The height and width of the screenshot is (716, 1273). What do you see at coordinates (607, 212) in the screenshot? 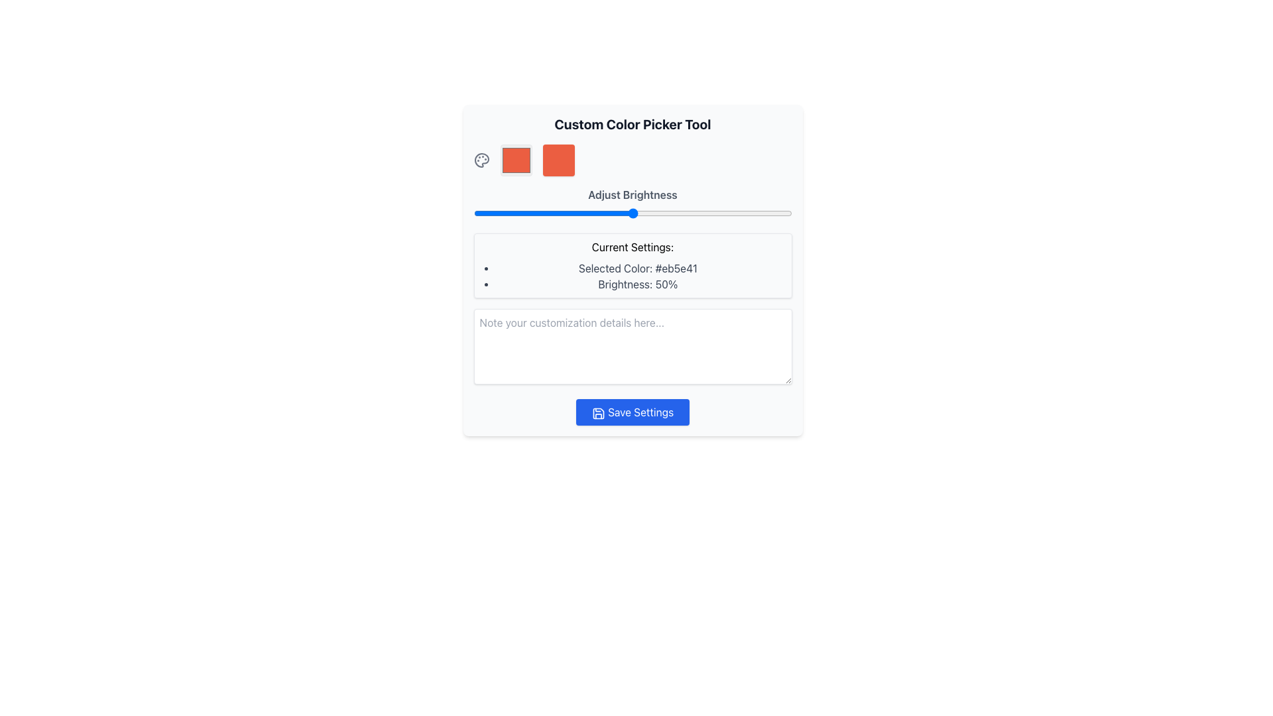
I see `the brightness` at bounding box center [607, 212].